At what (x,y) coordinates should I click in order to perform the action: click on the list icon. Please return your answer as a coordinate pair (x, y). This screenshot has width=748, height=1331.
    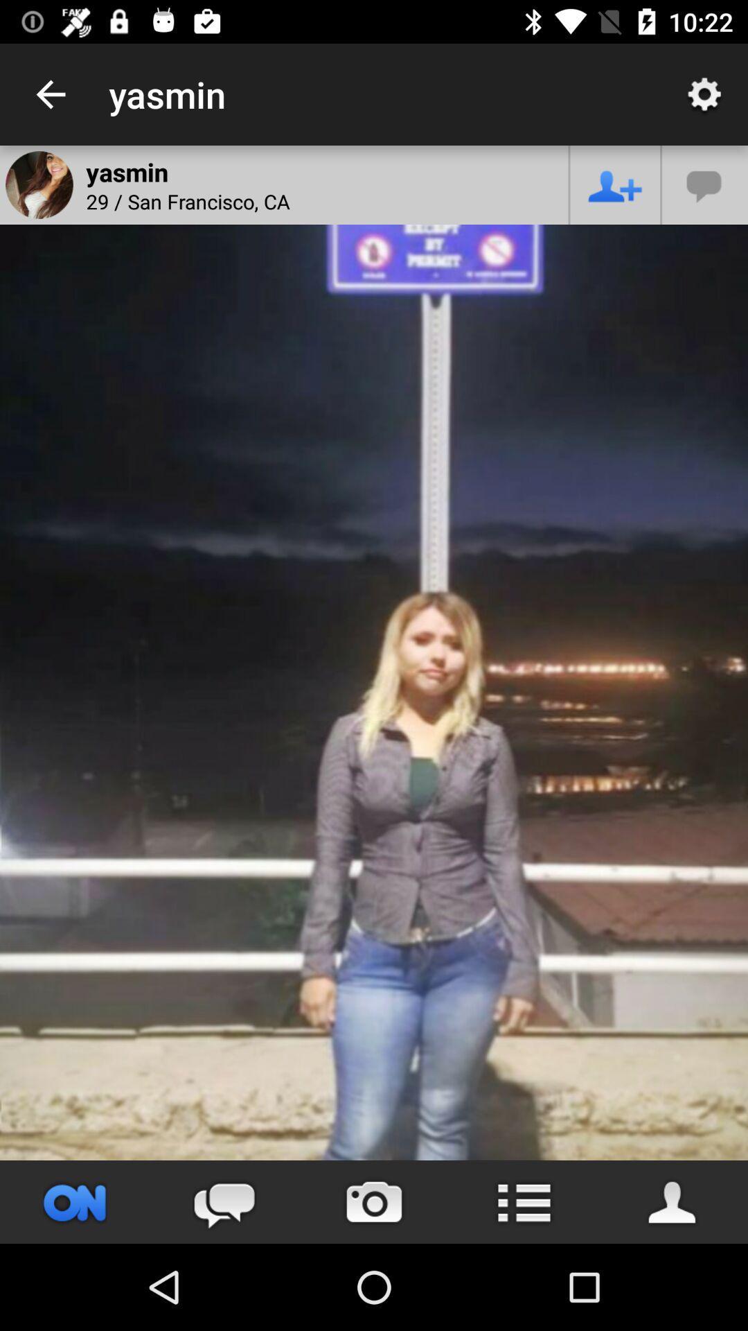
    Looking at the image, I should click on (524, 1201).